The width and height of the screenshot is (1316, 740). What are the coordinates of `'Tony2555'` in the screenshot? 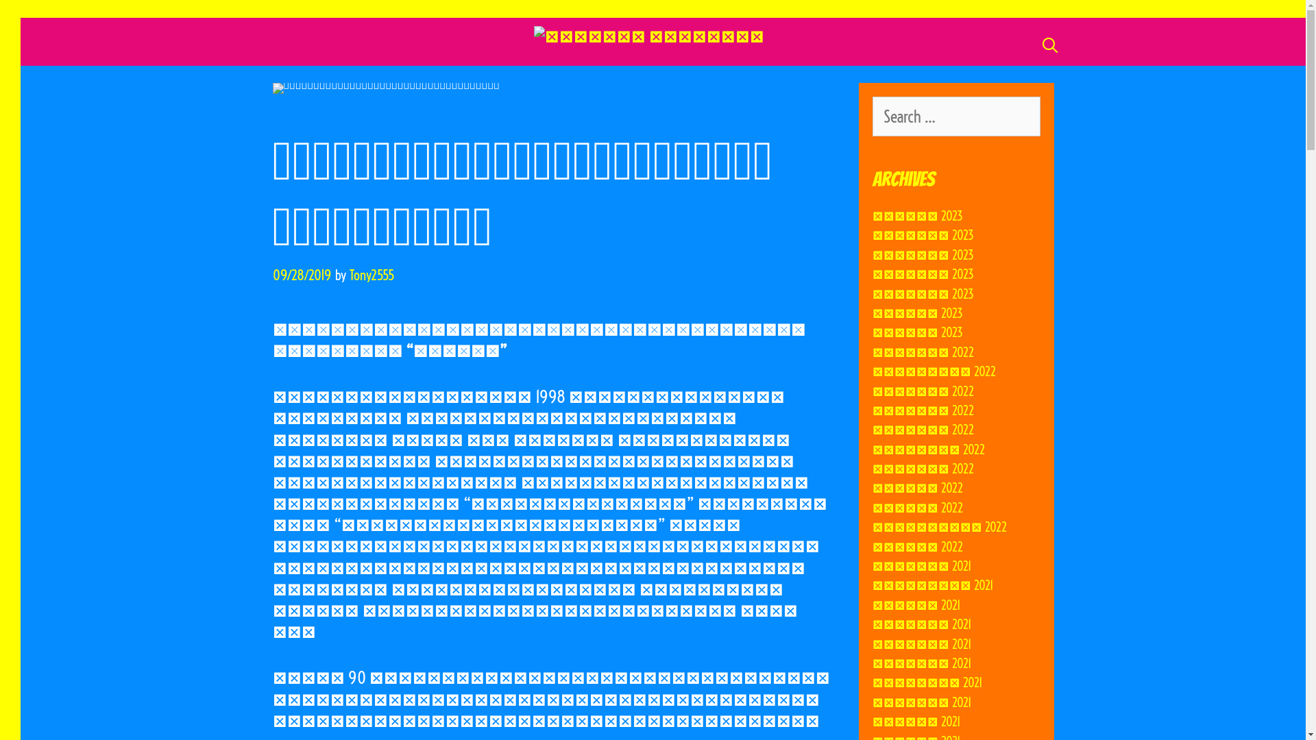 It's located at (371, 275).